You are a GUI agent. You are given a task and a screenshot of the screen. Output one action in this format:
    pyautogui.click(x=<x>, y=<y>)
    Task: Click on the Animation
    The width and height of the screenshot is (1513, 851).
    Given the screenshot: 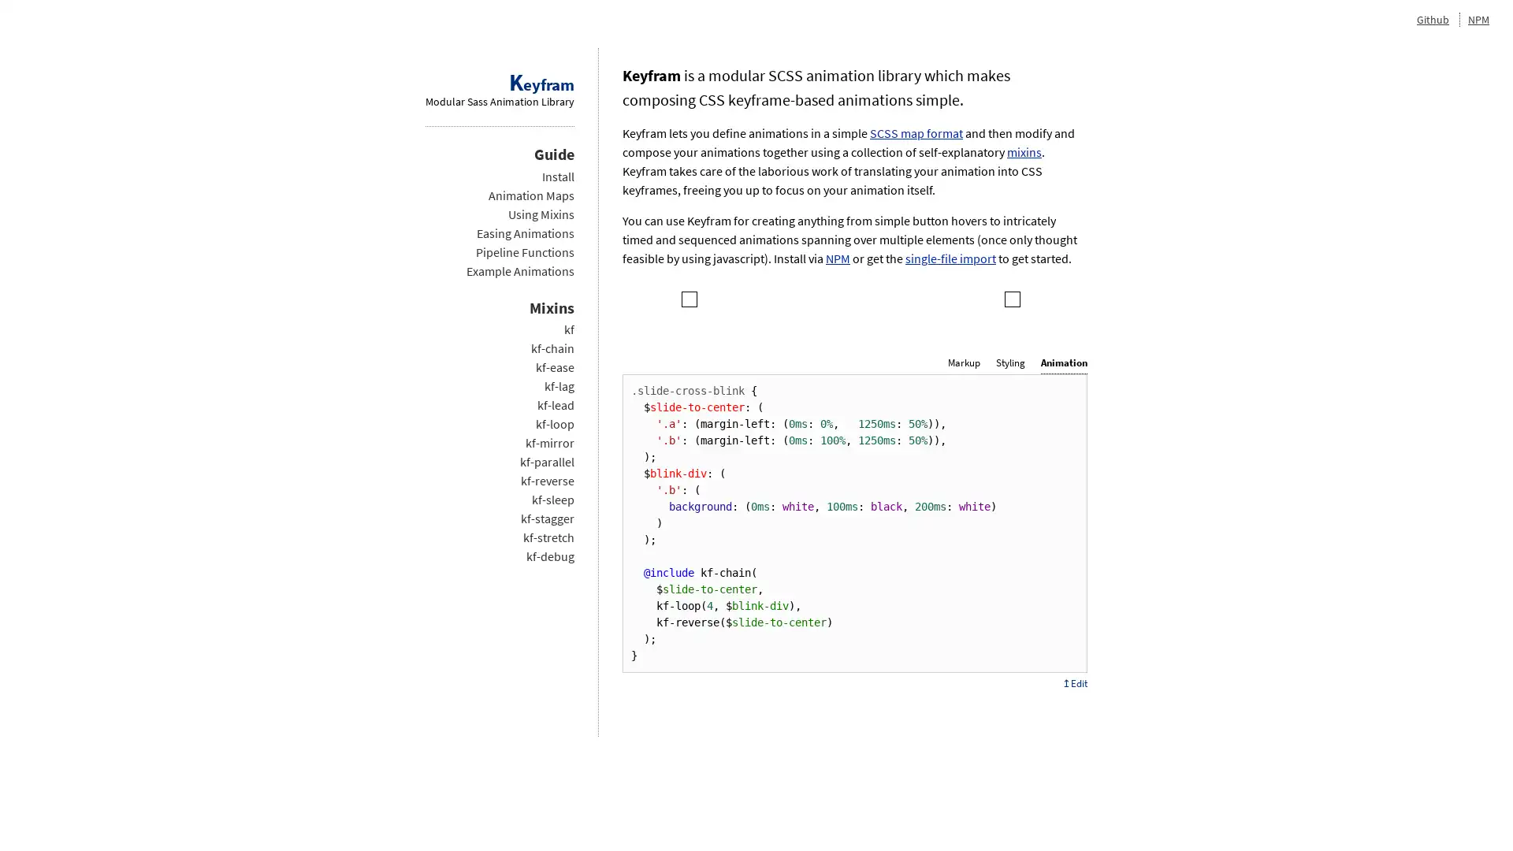 What is the action you would take?
    pyautogui.click(x=1064, y=363)
    